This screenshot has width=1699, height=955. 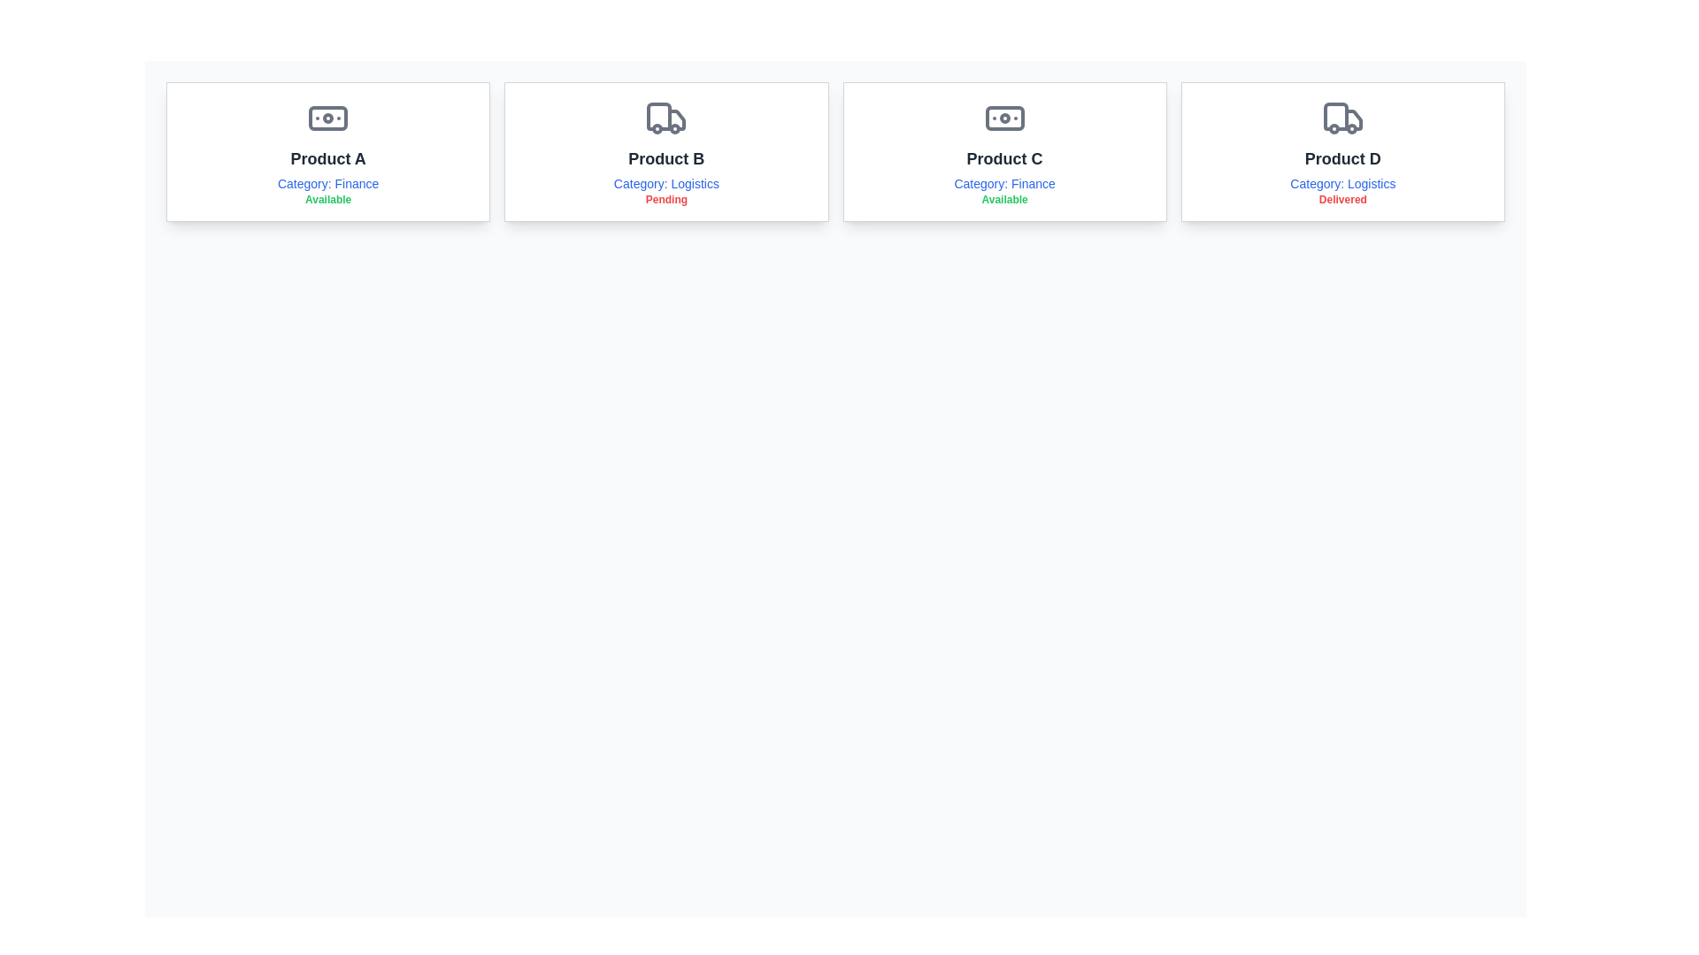 I want to click on the primary body of the truck icon, which is a rounded rectangular shape in grayscale, located in the card labeled 'Product D', so click(x=1335, y=116).